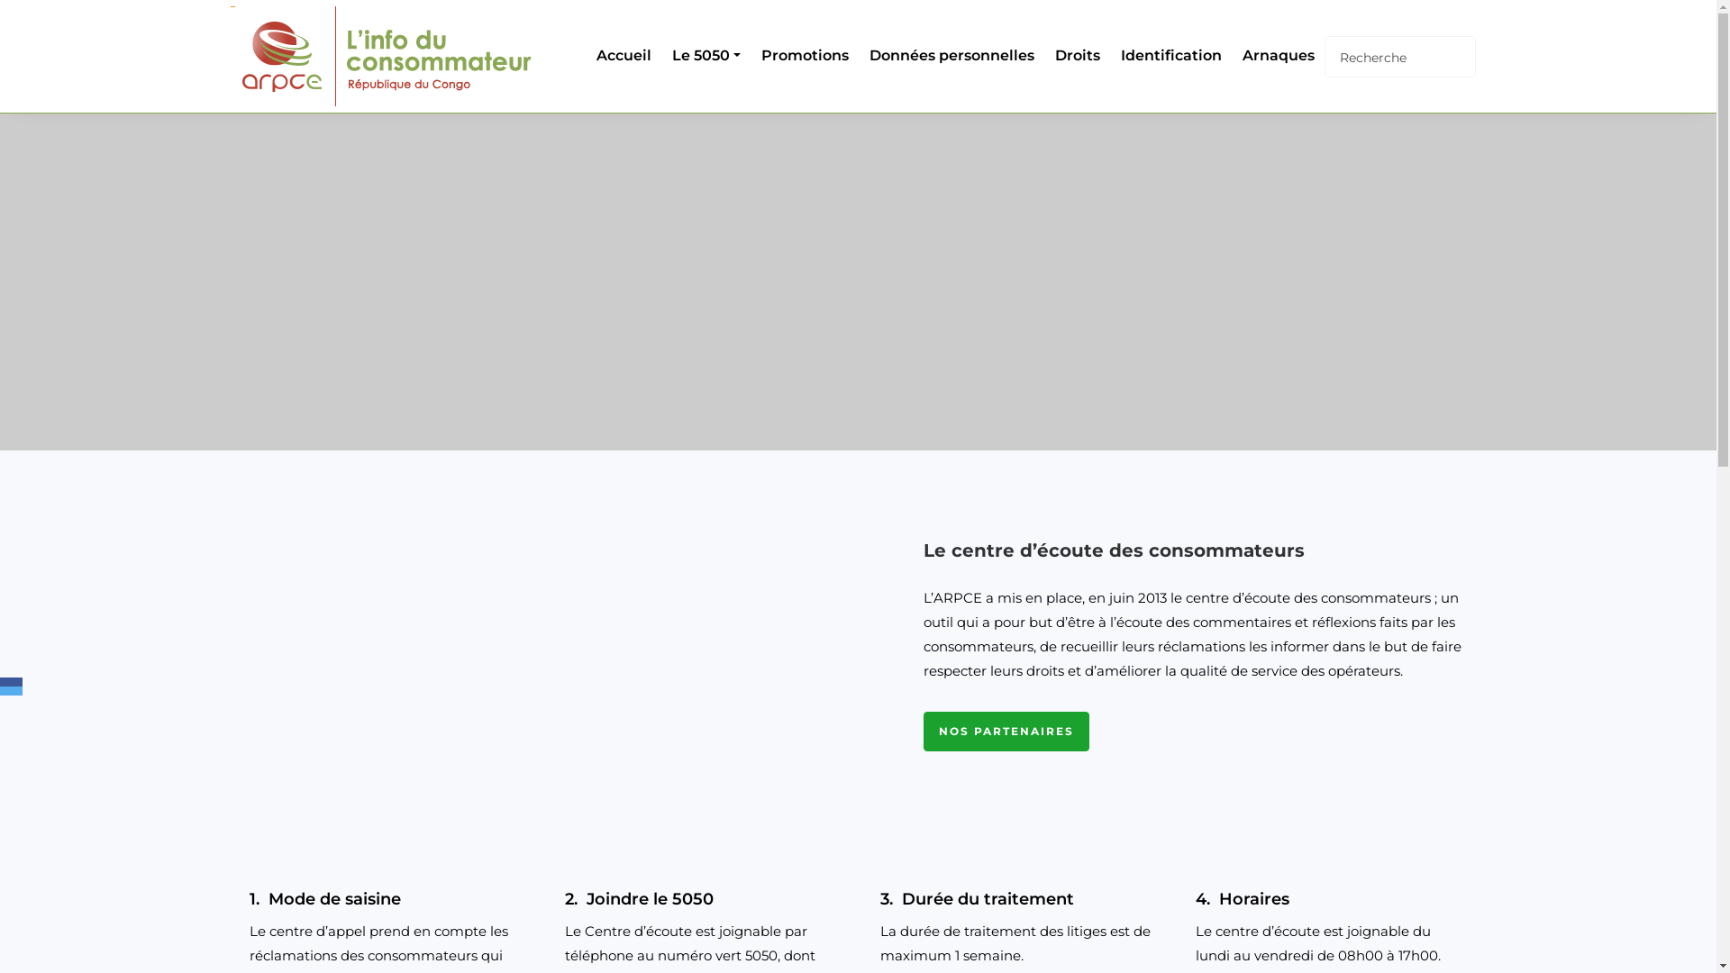 The height and width of the screenshot is (973, 1730). What do you see at coordinates (702, 55) in the screenshot?
I see `'Le 5050'` at bounding box center [702, 55].